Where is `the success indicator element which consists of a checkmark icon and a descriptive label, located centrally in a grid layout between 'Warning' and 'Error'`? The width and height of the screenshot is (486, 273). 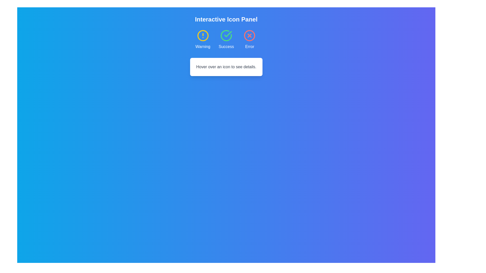 the success indicator element which consists of a checkmark icon and a descriptive label, located centrally in a grid layout between 'Warning' and 'Error' is located at coordinates (226, 39).